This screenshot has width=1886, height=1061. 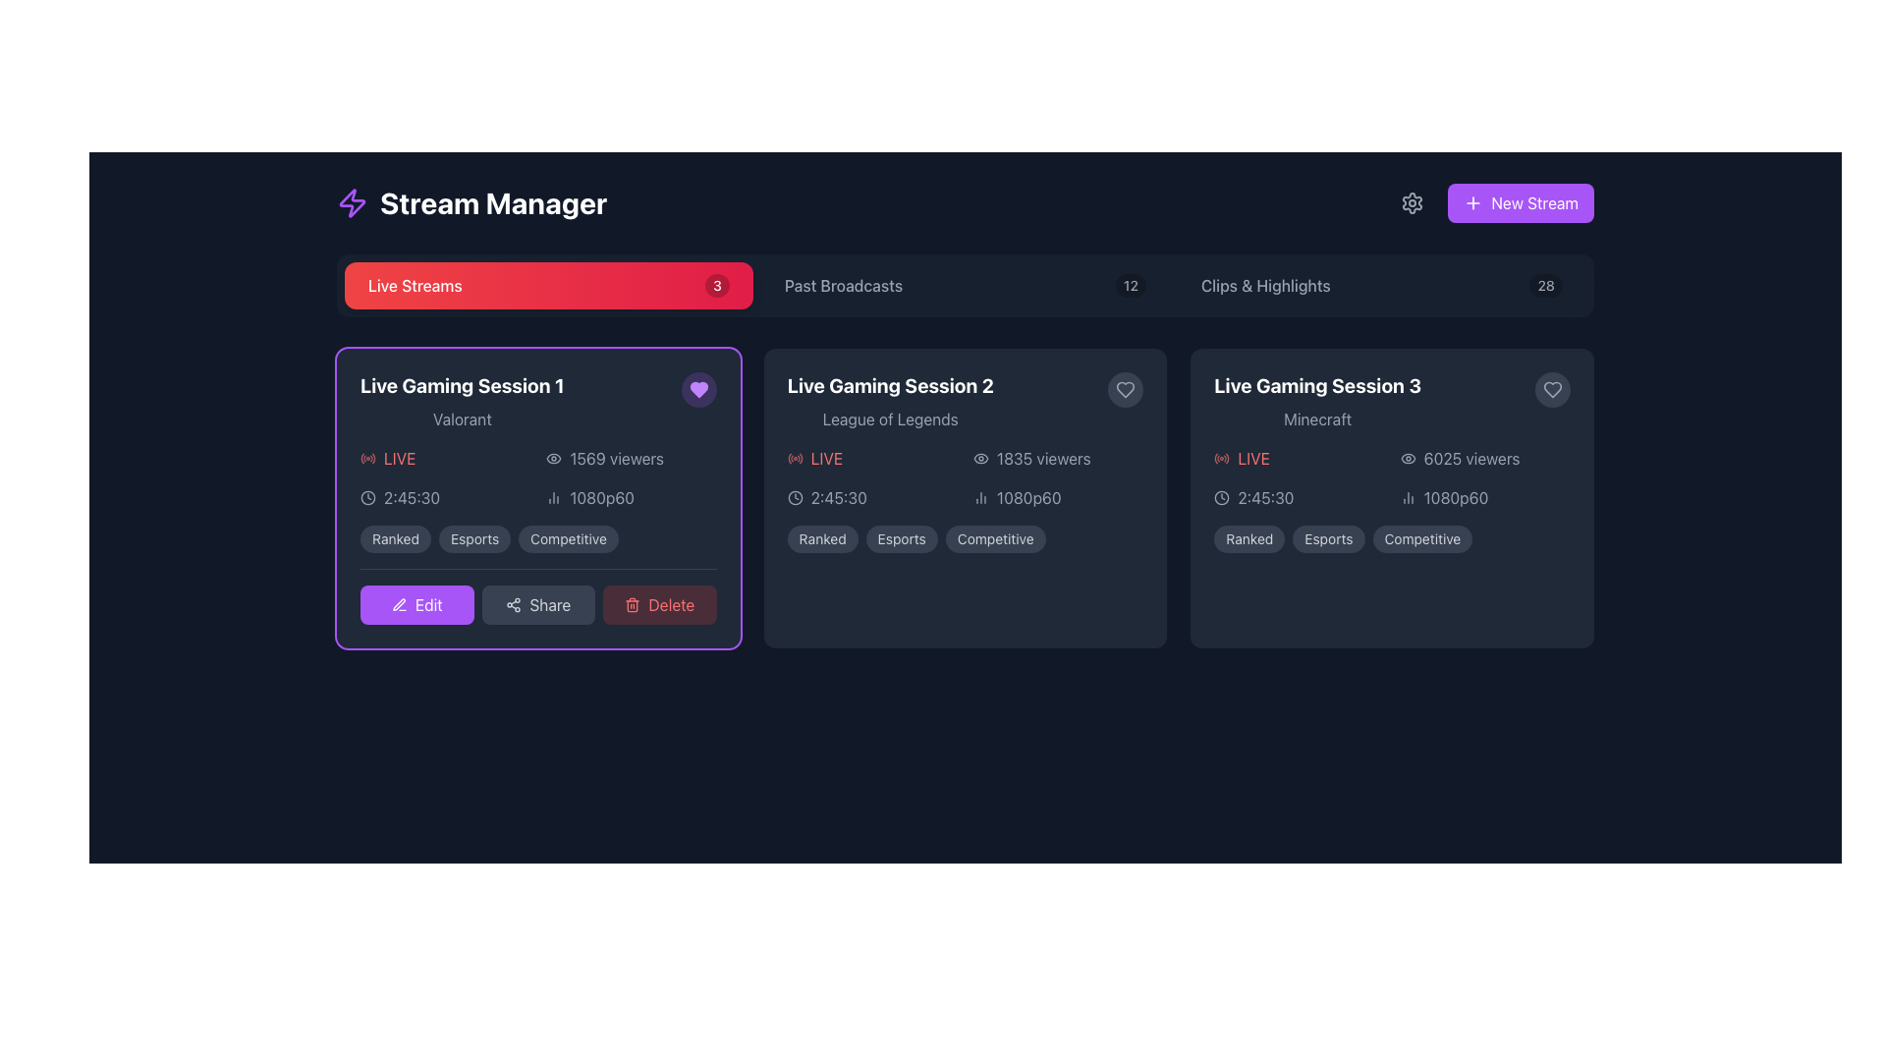 I want to click on the center of the gear icon button in the top-right section of the interface, so click(x=1412, y=203).